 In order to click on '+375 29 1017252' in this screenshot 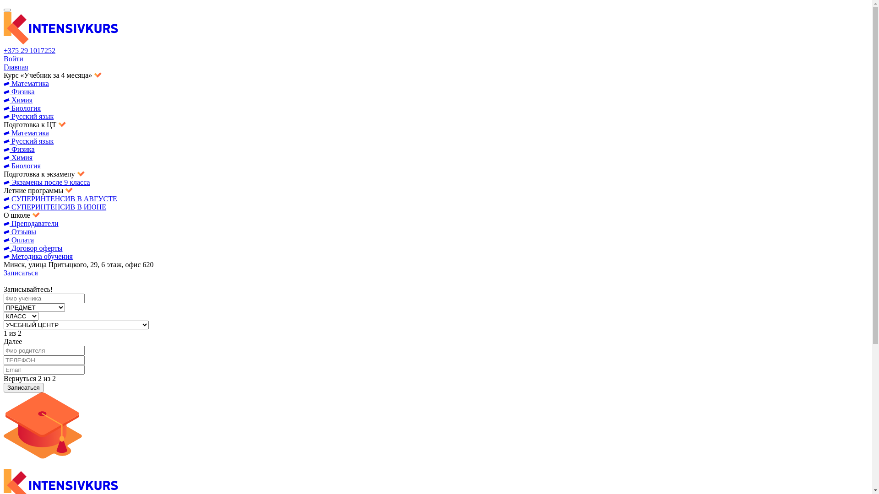, I will do `click(29, 50)`.